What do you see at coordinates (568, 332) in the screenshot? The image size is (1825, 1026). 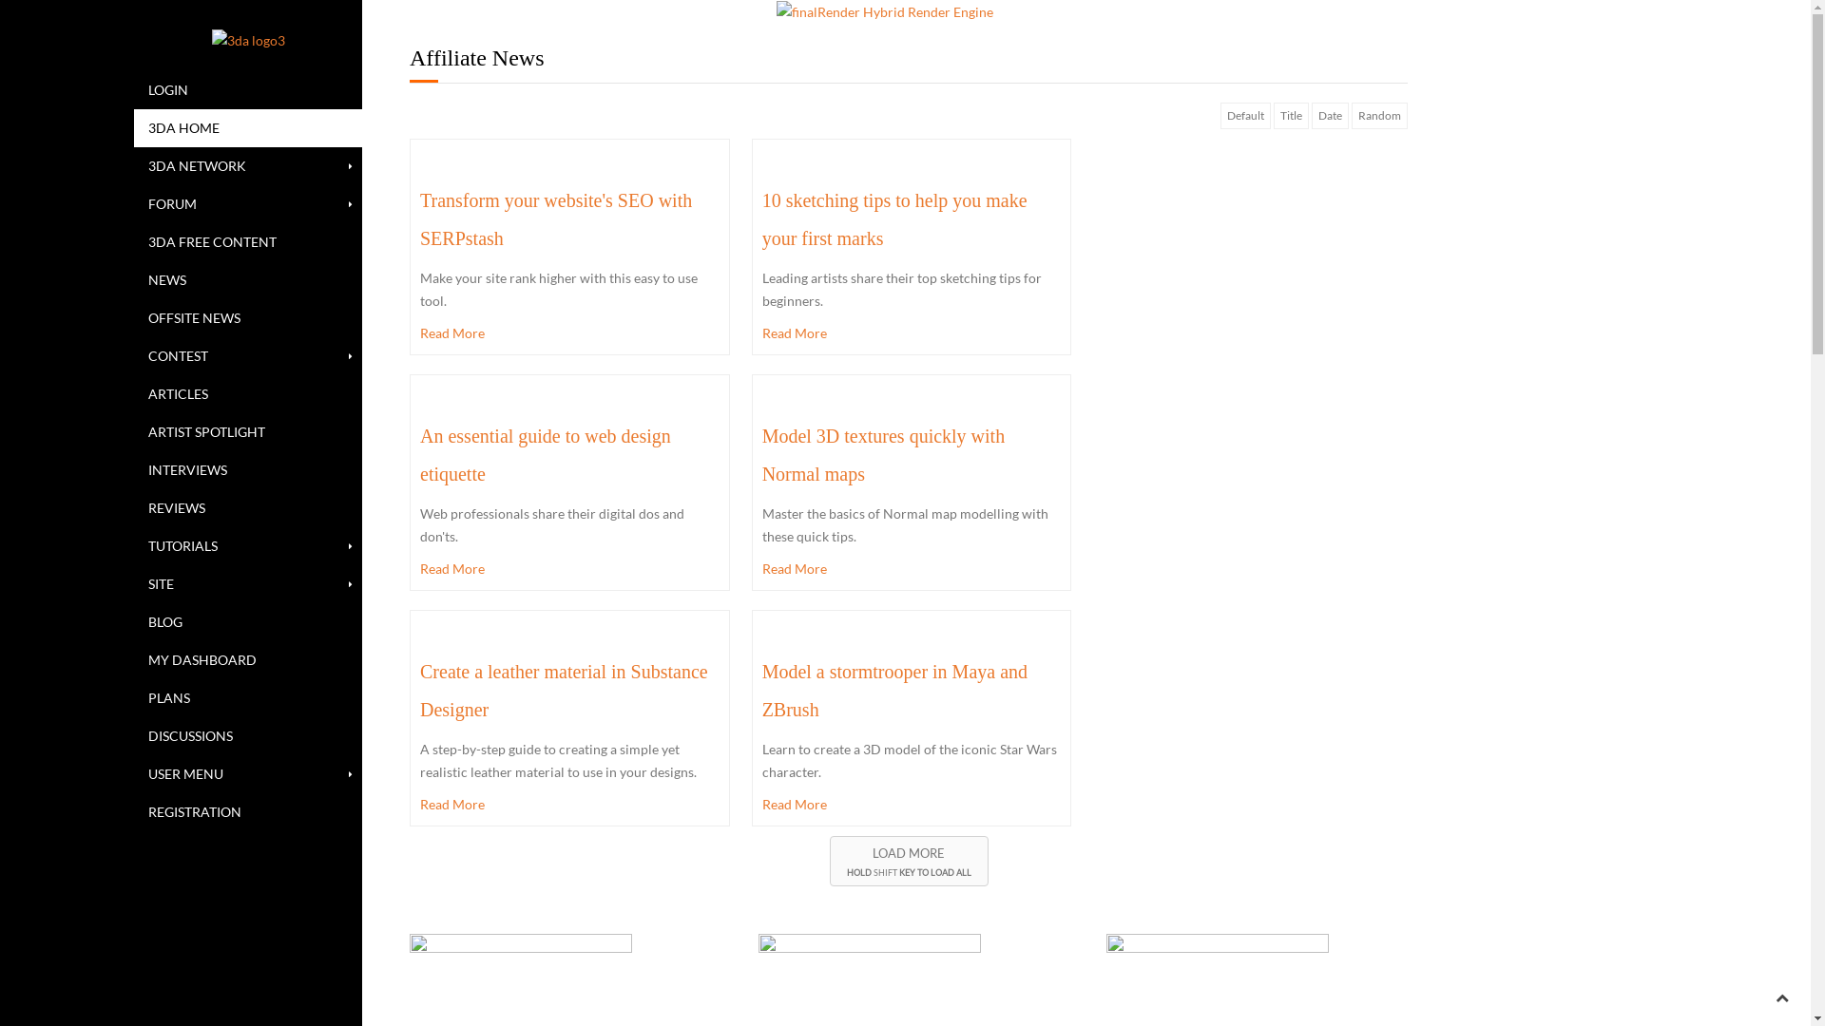 I see `'Read More'` at bounding box center [568, 332].